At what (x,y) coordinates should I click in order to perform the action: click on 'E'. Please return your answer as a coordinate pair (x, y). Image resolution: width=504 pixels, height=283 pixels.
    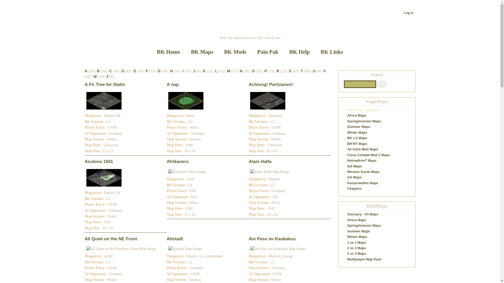
    Looking at the image, I should click on (135, 71).